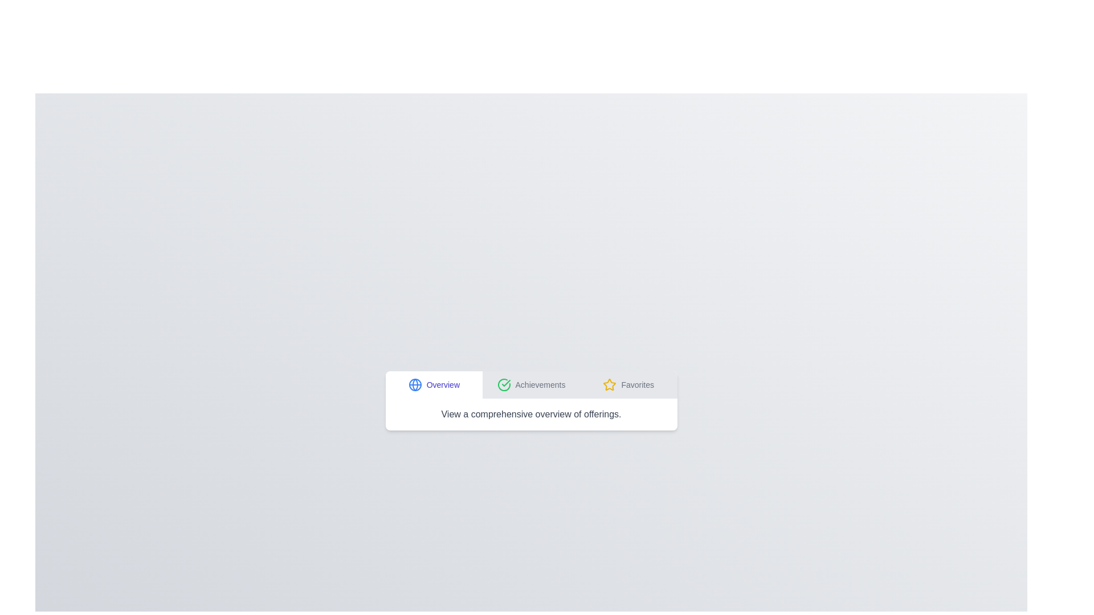 The width and height of the screenshot is (1094, 615). Describe the element at coordinates (433, 384) in the screenshot. I see `the tab labeled Overview` at that location.